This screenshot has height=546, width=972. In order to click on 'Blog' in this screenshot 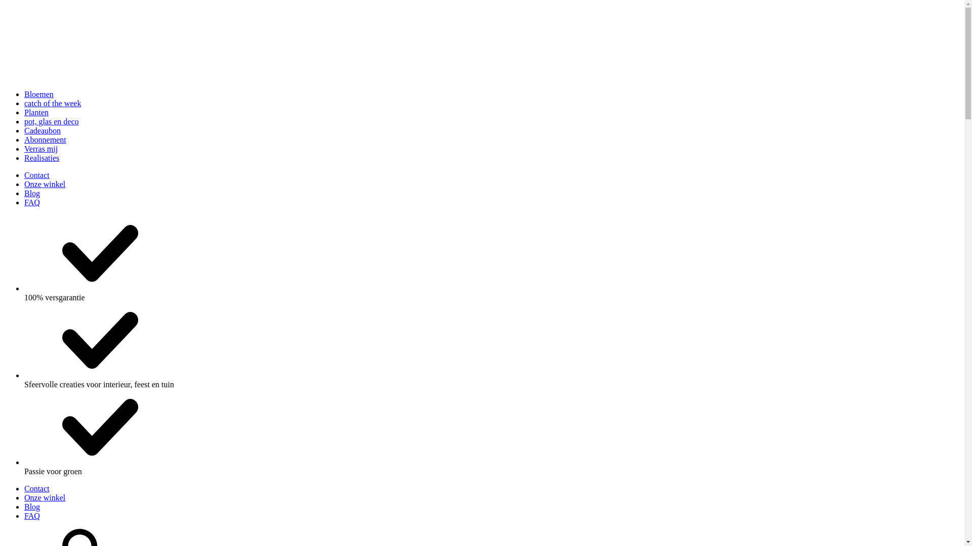, I will do `click(32, 507)`.